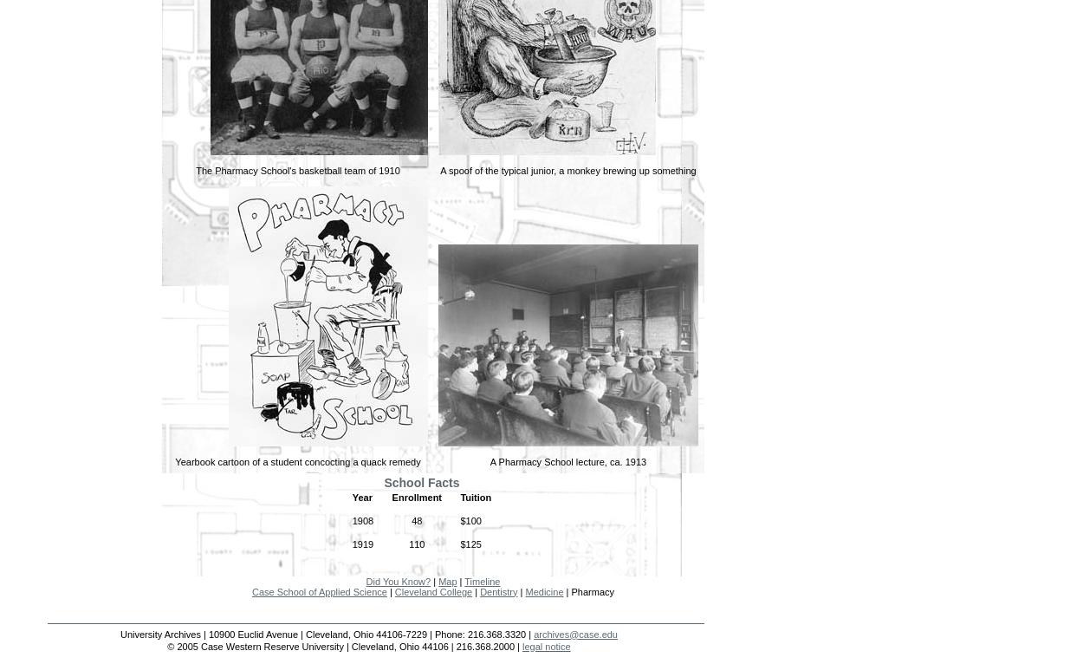 The height and width of the screenshot is (664, 1083). What do you see at coordinates (174, 461) in the screenshot?
I see `'Yearbook cartoon of a student concocting a quack remedy'` at bounding box center [174, 461].